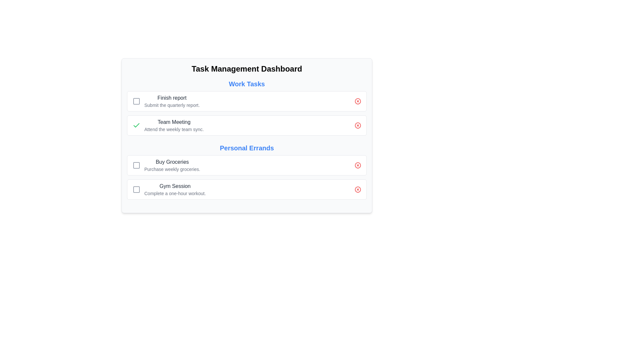 The width and height of the screenshot is (627, 353). I want to click on the second task under the 'Personal Errands' category, which includes a checkbox and a delete button for the 'Gym Session' task, so click(246, 189).